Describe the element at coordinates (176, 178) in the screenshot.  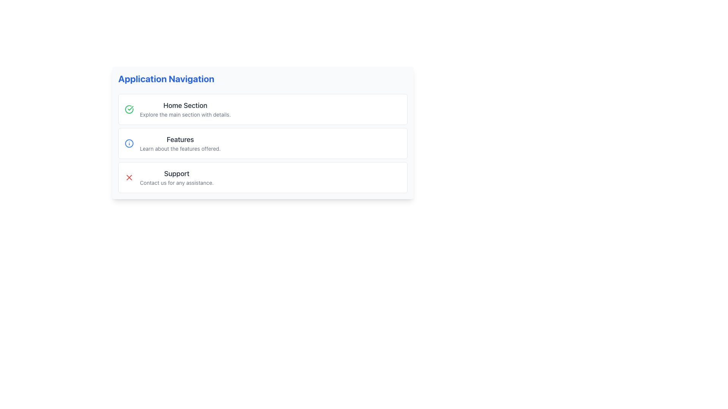
I see `text block containing 'Support' and 'Contact us for any assistance.' which is the third item in the vertical navigation list` at that location.